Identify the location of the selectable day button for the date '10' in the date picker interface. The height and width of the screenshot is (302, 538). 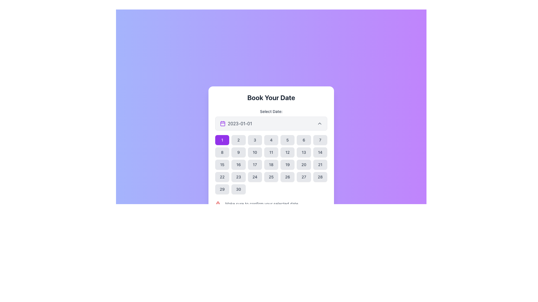
(254, 152).